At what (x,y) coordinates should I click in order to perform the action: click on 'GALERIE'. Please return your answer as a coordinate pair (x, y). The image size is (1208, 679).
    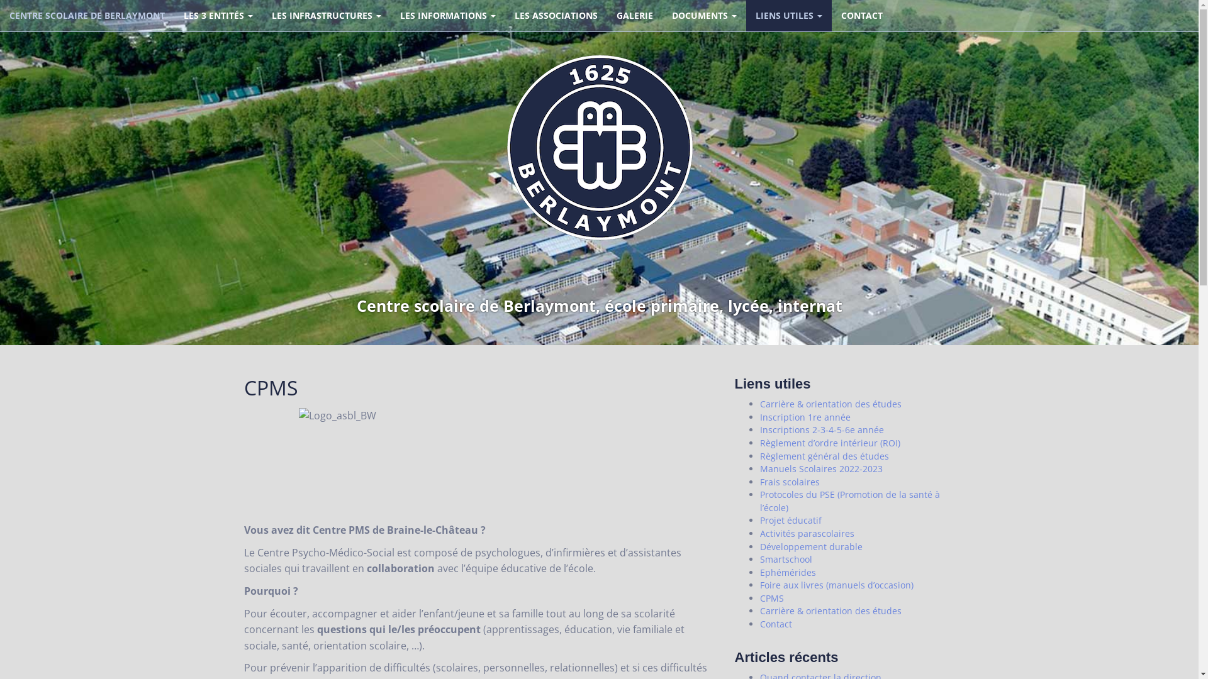
    Looking at the image, I should click on (634, 15).